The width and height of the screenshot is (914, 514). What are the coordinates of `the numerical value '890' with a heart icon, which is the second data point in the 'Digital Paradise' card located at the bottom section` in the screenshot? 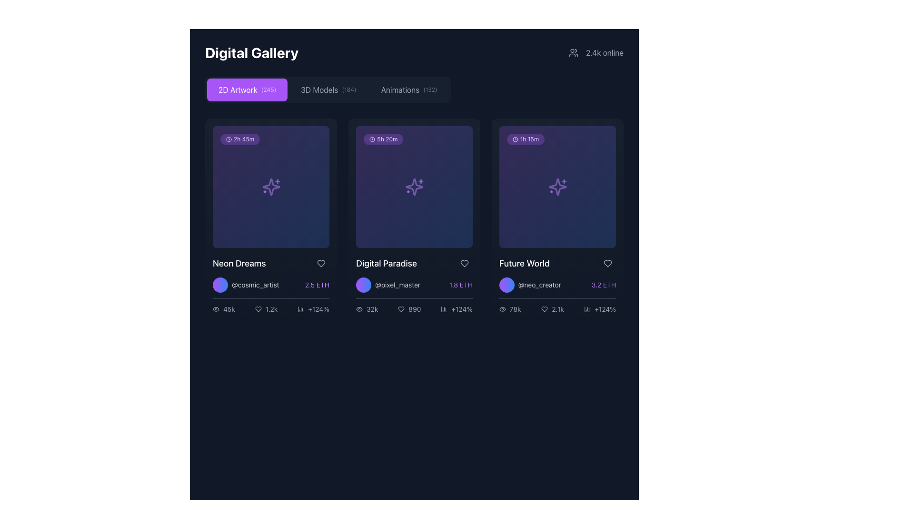 It's located at (414, 306).